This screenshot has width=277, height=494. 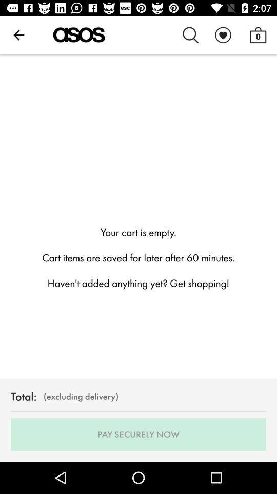 I want to click on pay securely now icon, so click(x=138, y=434).